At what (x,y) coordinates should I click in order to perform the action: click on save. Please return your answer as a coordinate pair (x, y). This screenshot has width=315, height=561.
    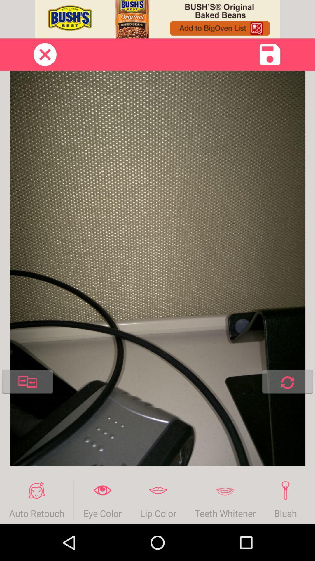
    Looking at the image, I should click on (270, 54).